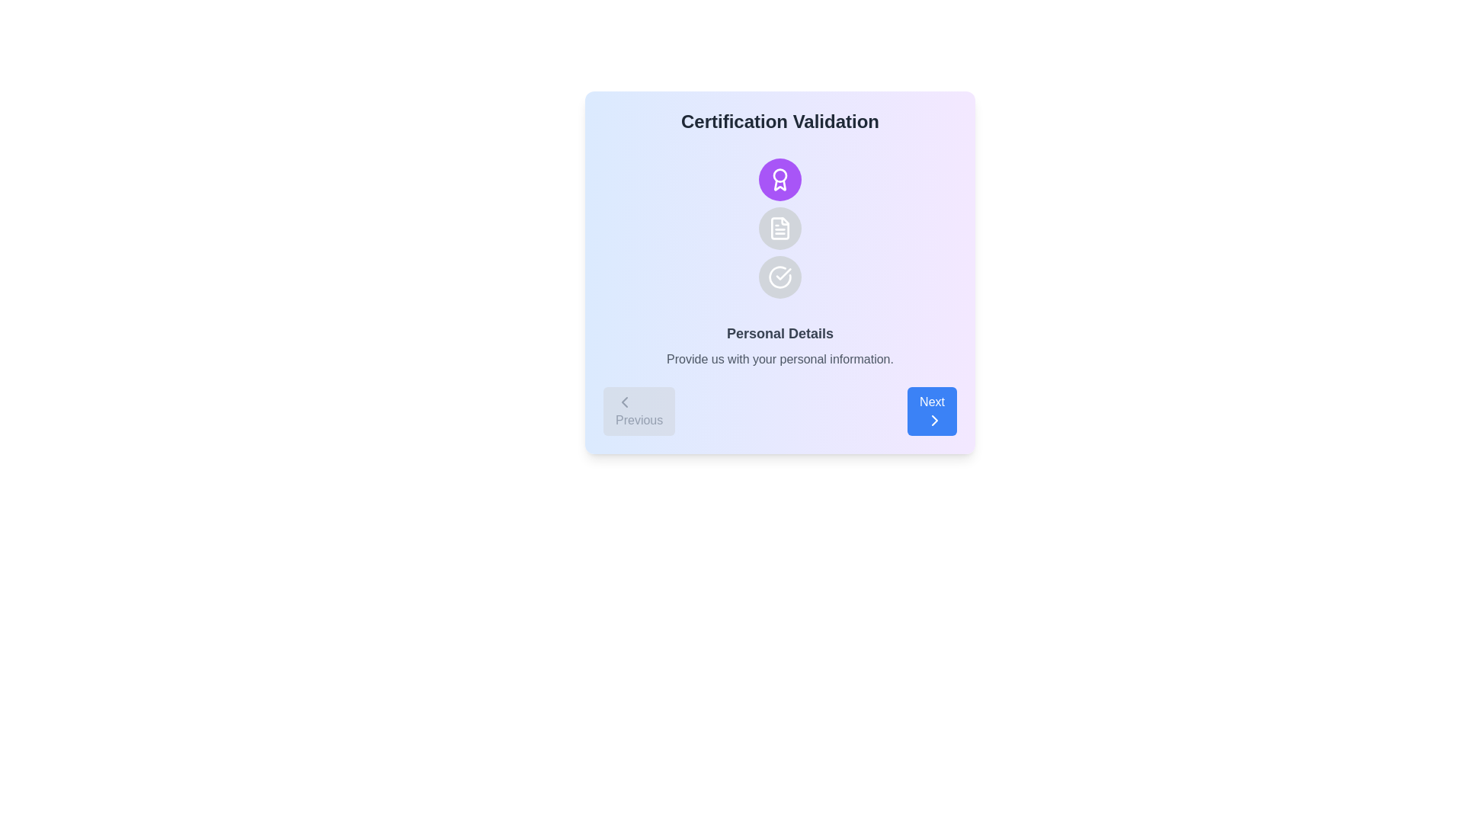 This screenshot has width=1463, height=823. I want to click on the 'Personal Details' text heading that indicates the section's topic, positioned centrally above the subtitle in the main content area, so click(780, 333).